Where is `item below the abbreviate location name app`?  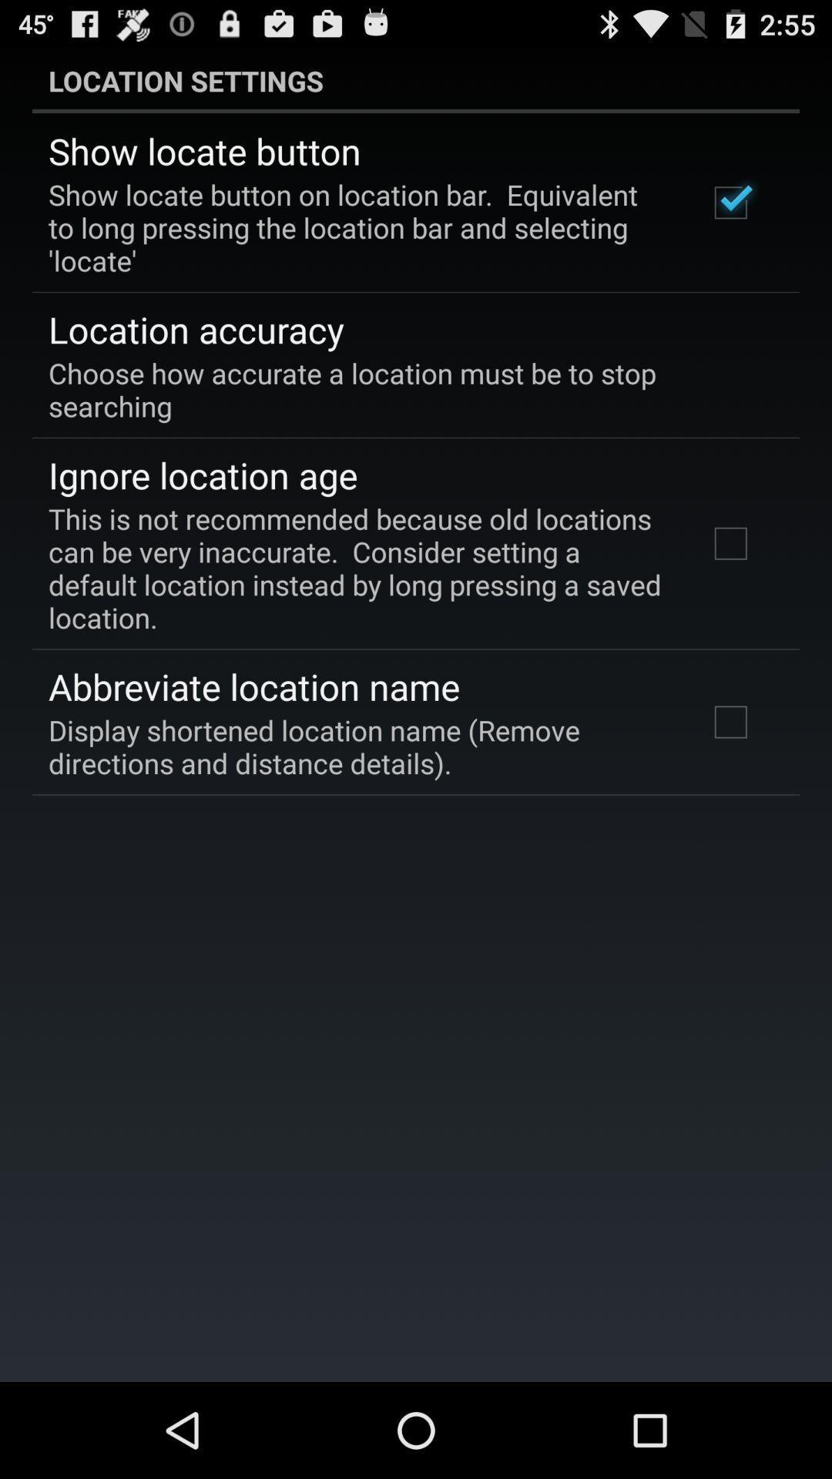
item below the abbreviate location name app is located at coordinates (357, 746).